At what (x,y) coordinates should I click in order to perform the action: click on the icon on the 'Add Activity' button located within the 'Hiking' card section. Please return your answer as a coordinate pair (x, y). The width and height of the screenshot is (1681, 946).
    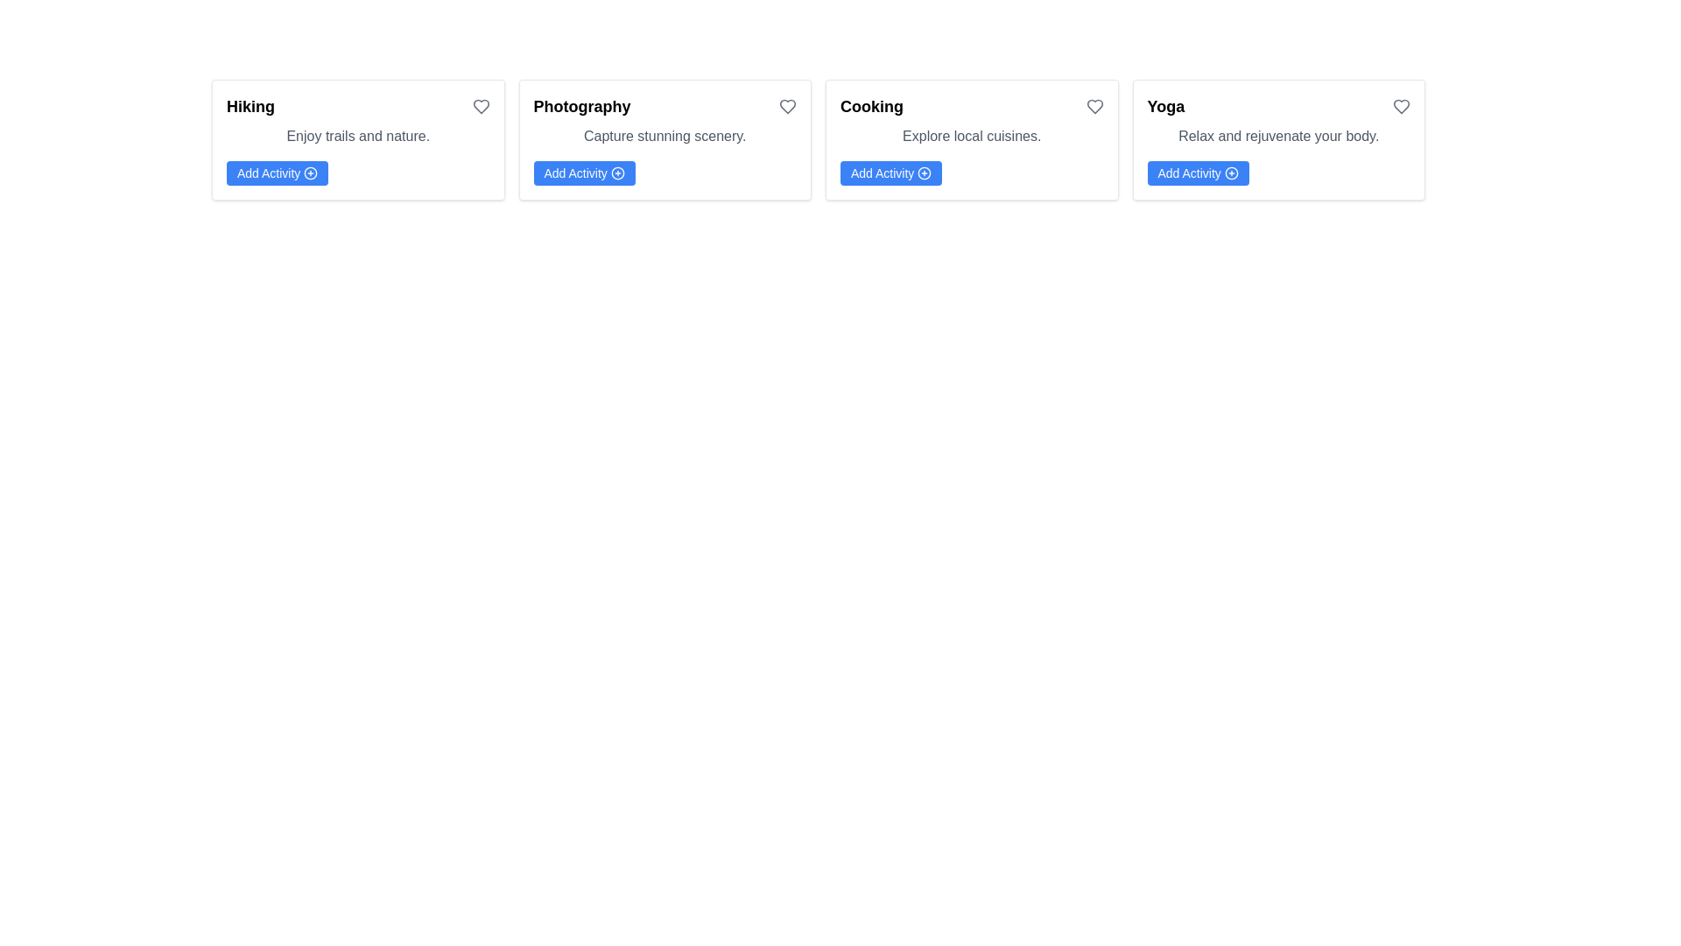
    Looking at the image, I should click on (311, 173).